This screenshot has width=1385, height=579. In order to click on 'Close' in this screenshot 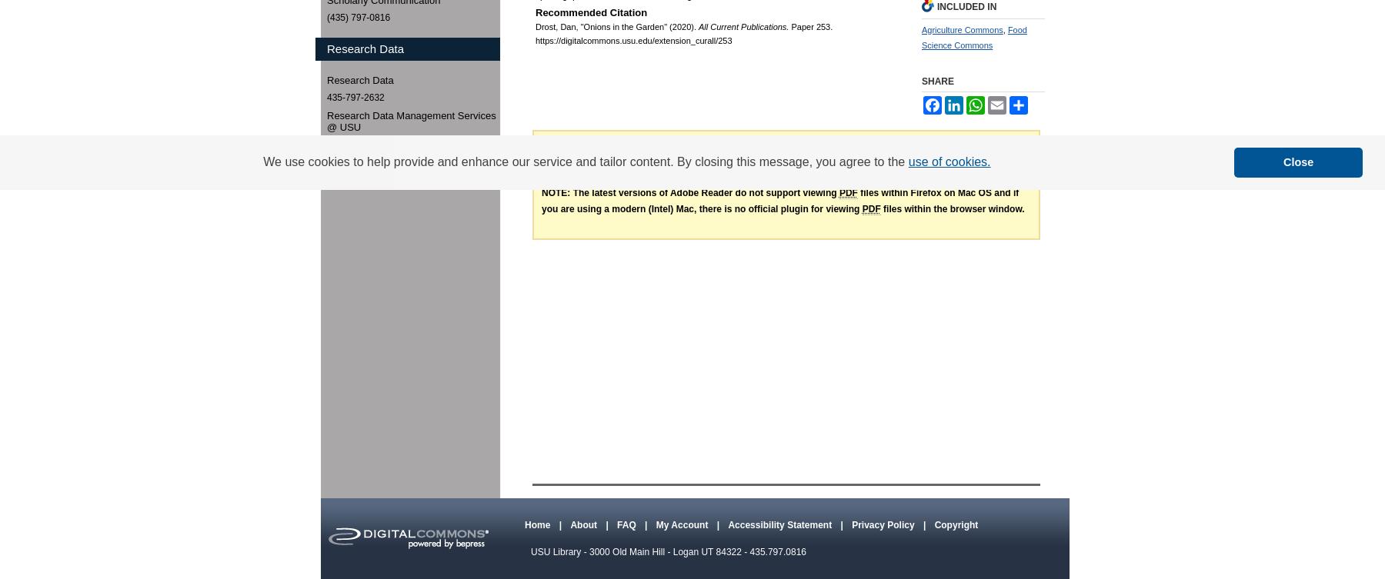, I will do `click(1283, 161)`.